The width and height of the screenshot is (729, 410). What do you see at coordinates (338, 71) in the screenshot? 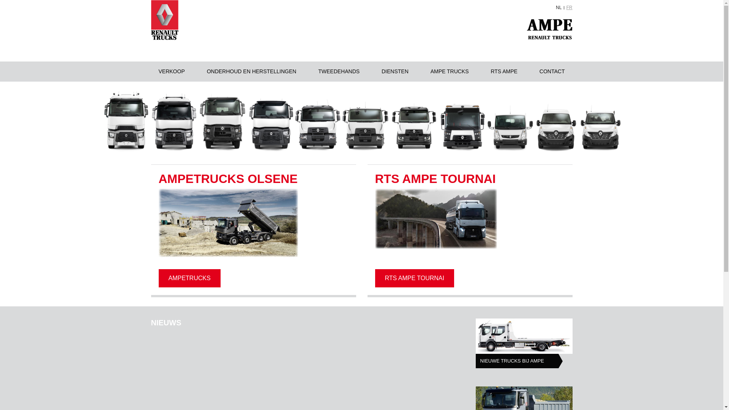
I see `'TWEEDEHANDS'` at bounding box center [338, 71].